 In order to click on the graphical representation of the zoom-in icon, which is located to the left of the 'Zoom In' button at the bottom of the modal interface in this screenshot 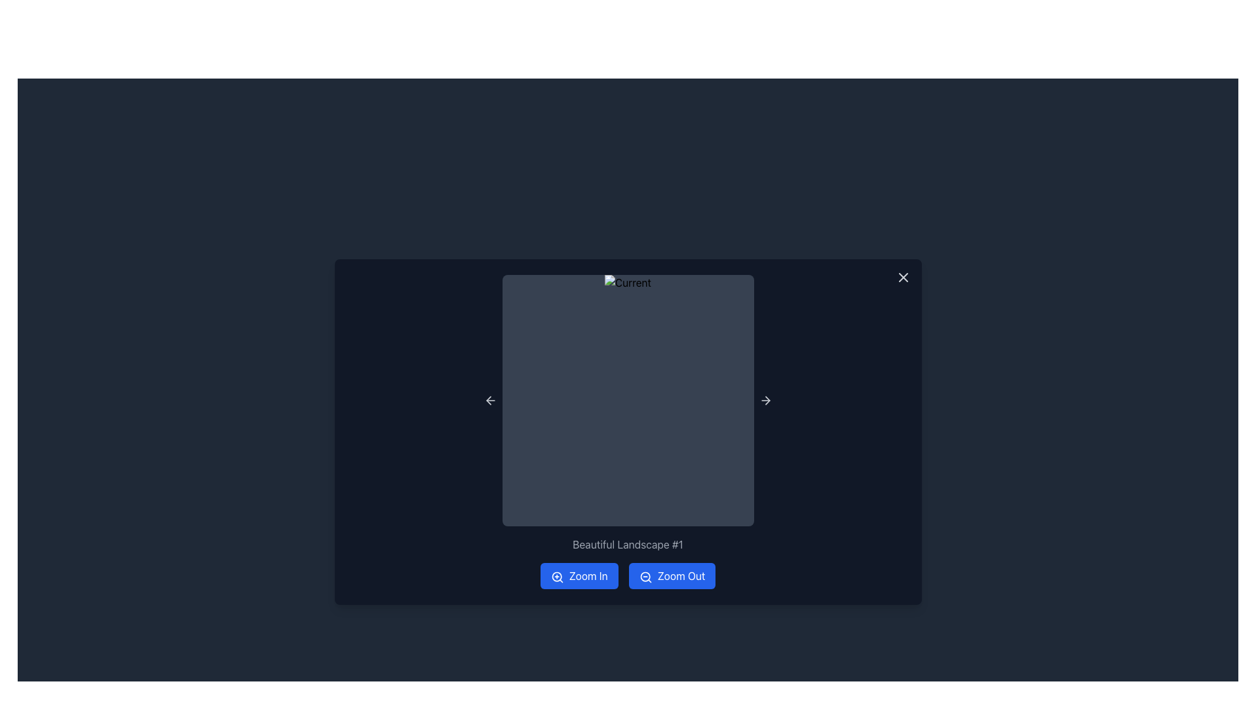, I will do `click(556, 575)`.